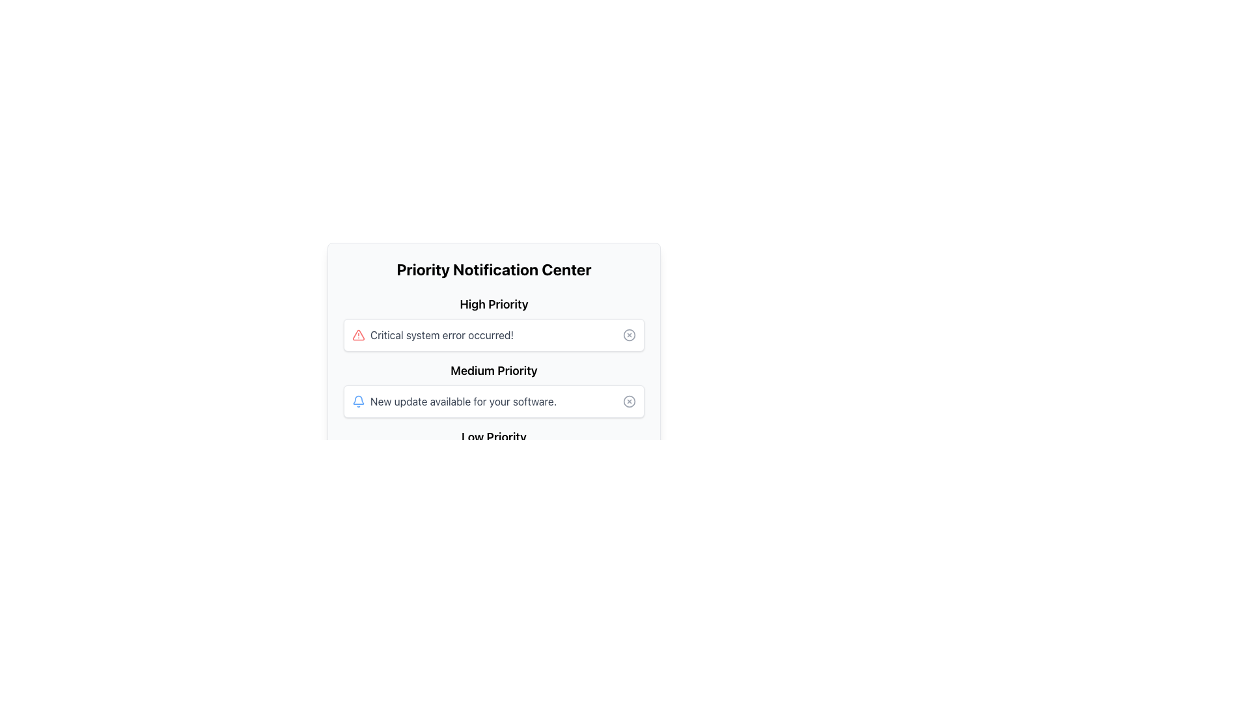 Image resolution: width=1250 pixels, height=703 pixels. I want to click on the high-priority warning icon located to the left of the text 'Critical system error occurred!' in the notification center layout, so click(359, 335).